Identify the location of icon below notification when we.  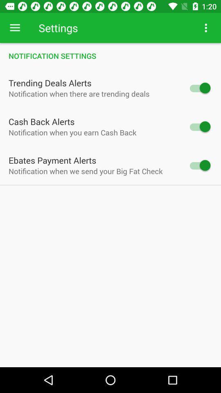
(110, 185).